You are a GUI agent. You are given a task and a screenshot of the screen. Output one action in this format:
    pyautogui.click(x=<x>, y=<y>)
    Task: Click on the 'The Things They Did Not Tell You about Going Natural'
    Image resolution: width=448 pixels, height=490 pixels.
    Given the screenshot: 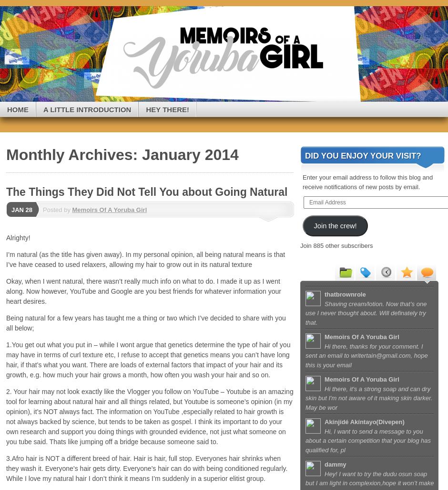 What is the action you would take?
    pyautogui.click(x=6, y=191)
    